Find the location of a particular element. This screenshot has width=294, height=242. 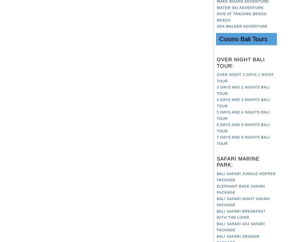

'5 DAYS AND 4 NIGHTS BALI TOUR' is located at coordinates (243, 115).